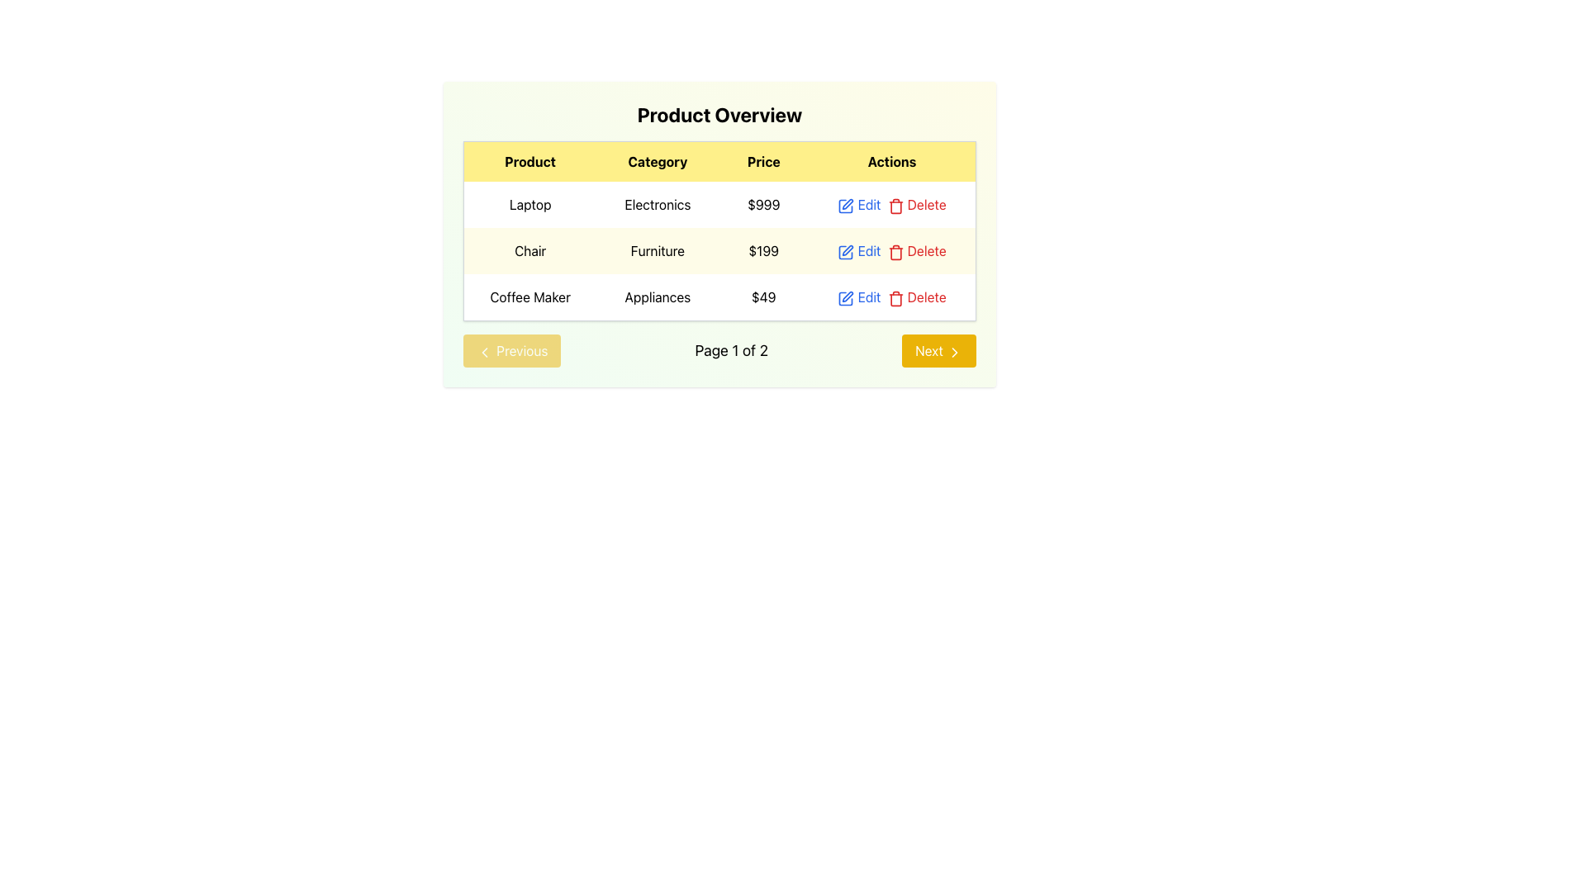  What do you see at coordinates (762, 161) in the screenshot?
I see `table header cell labeled 'Price', which has a yellow background and bold black text, located between the 'Category' and 'Actions' headers` at bounding box center [762, 161].